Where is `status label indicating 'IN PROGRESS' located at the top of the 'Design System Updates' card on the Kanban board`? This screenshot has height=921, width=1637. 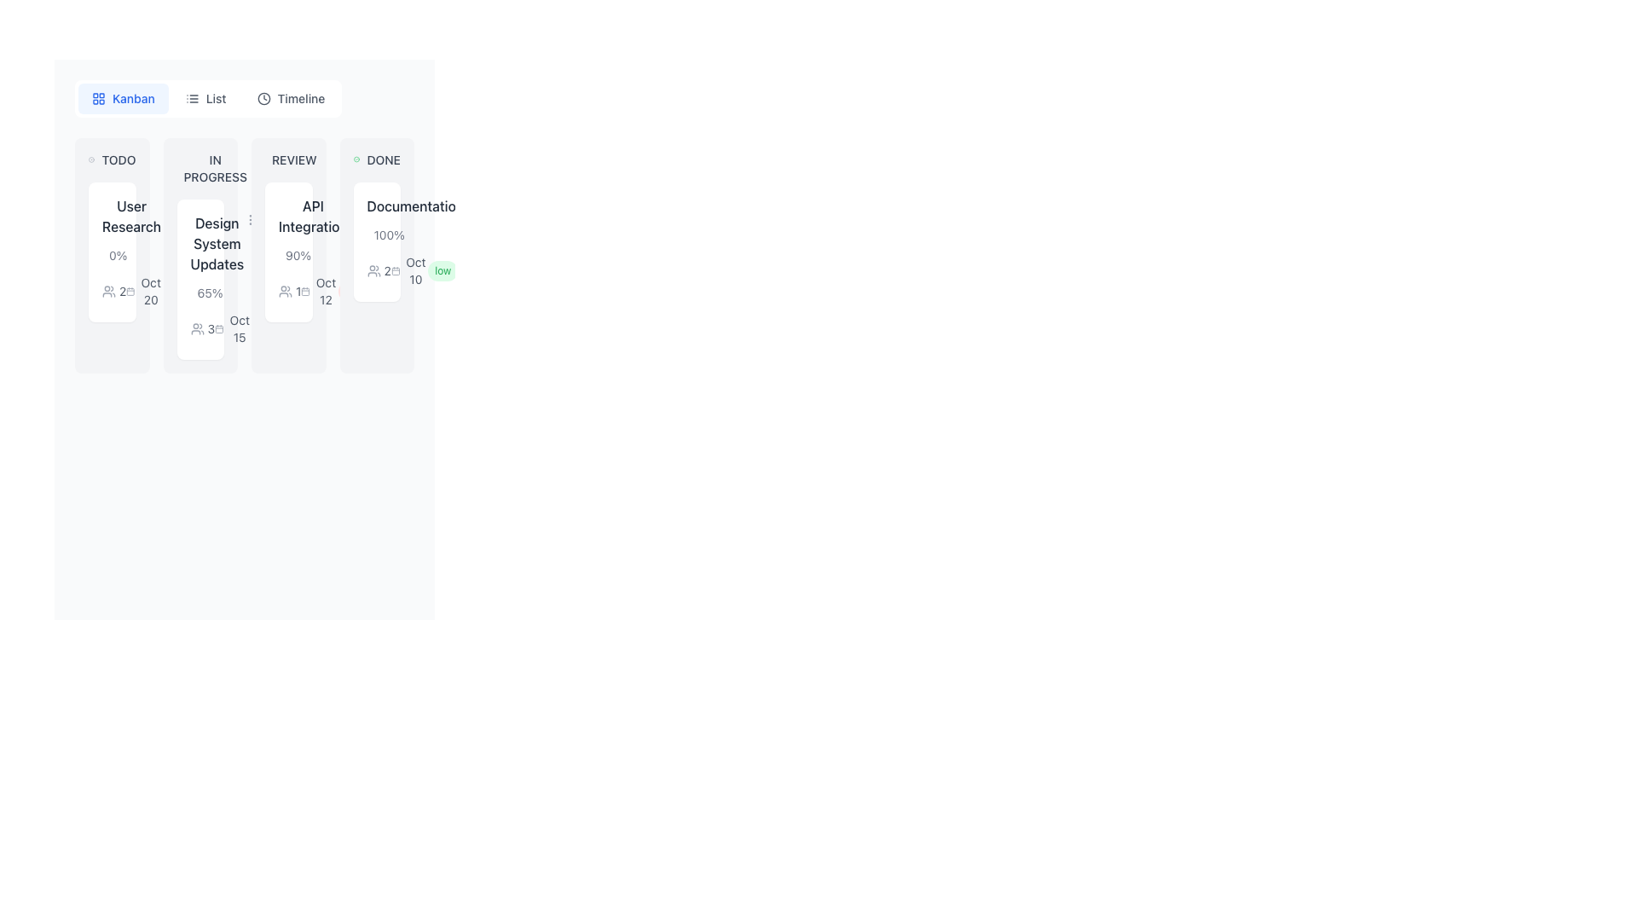 status label indicating 'IN PROGRESS' located at the top of the 'Design System Updates' card on the Kanban board is located at coordinates (200, 168).